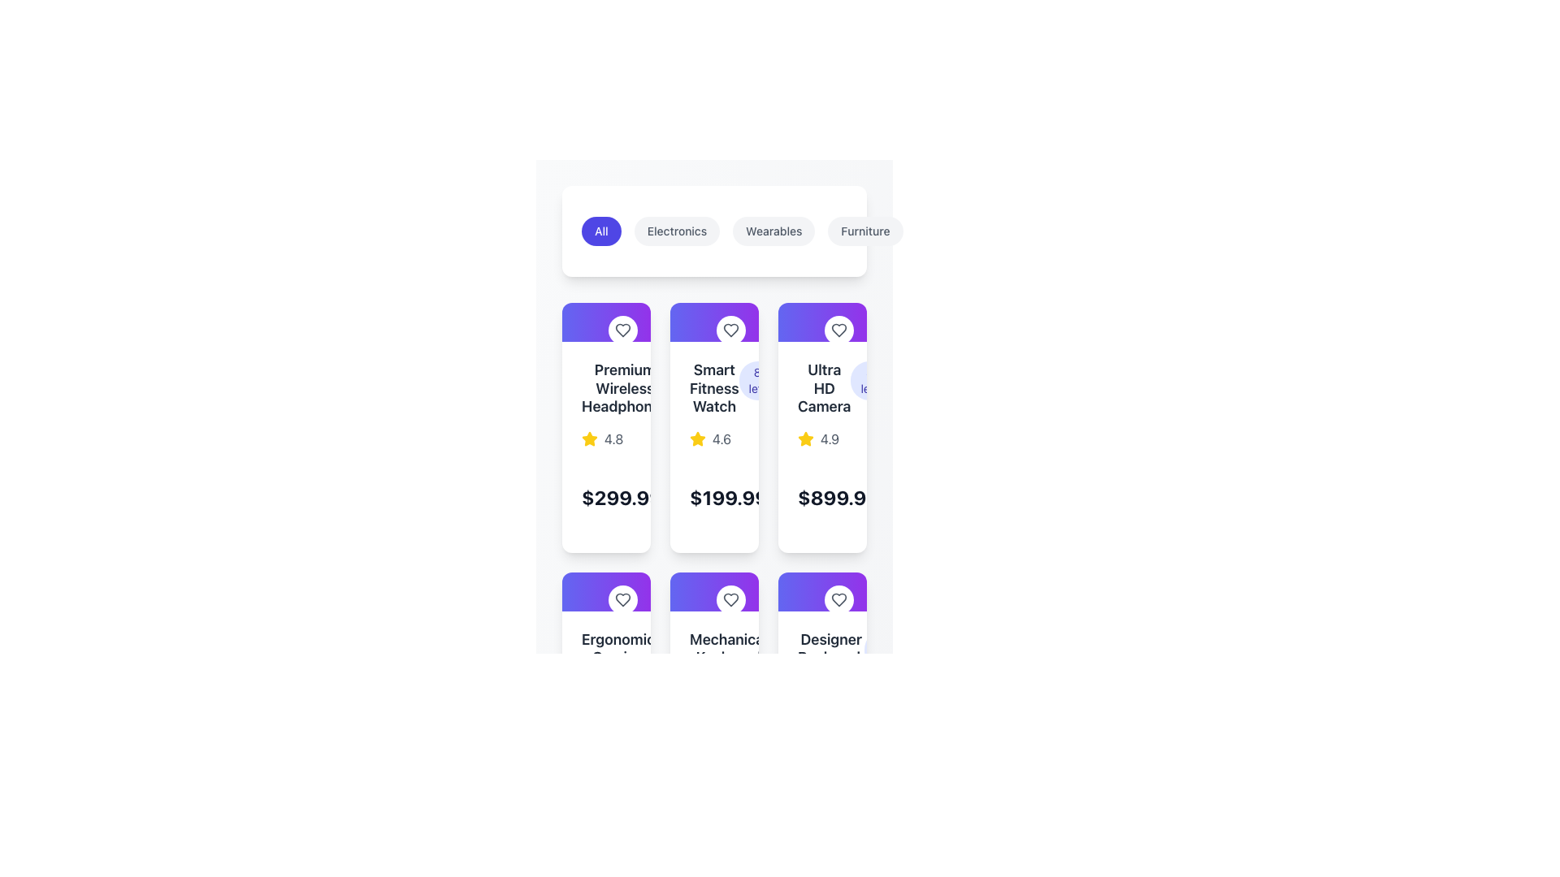 This screenshot has height=877, width=1560. What do you see at coordinates (698, 438) in the screenshot?
I see `the yellow star-shaped icon to rate it, which is located to the left of the rating text '4.6'` at bounding box center [698, 438].